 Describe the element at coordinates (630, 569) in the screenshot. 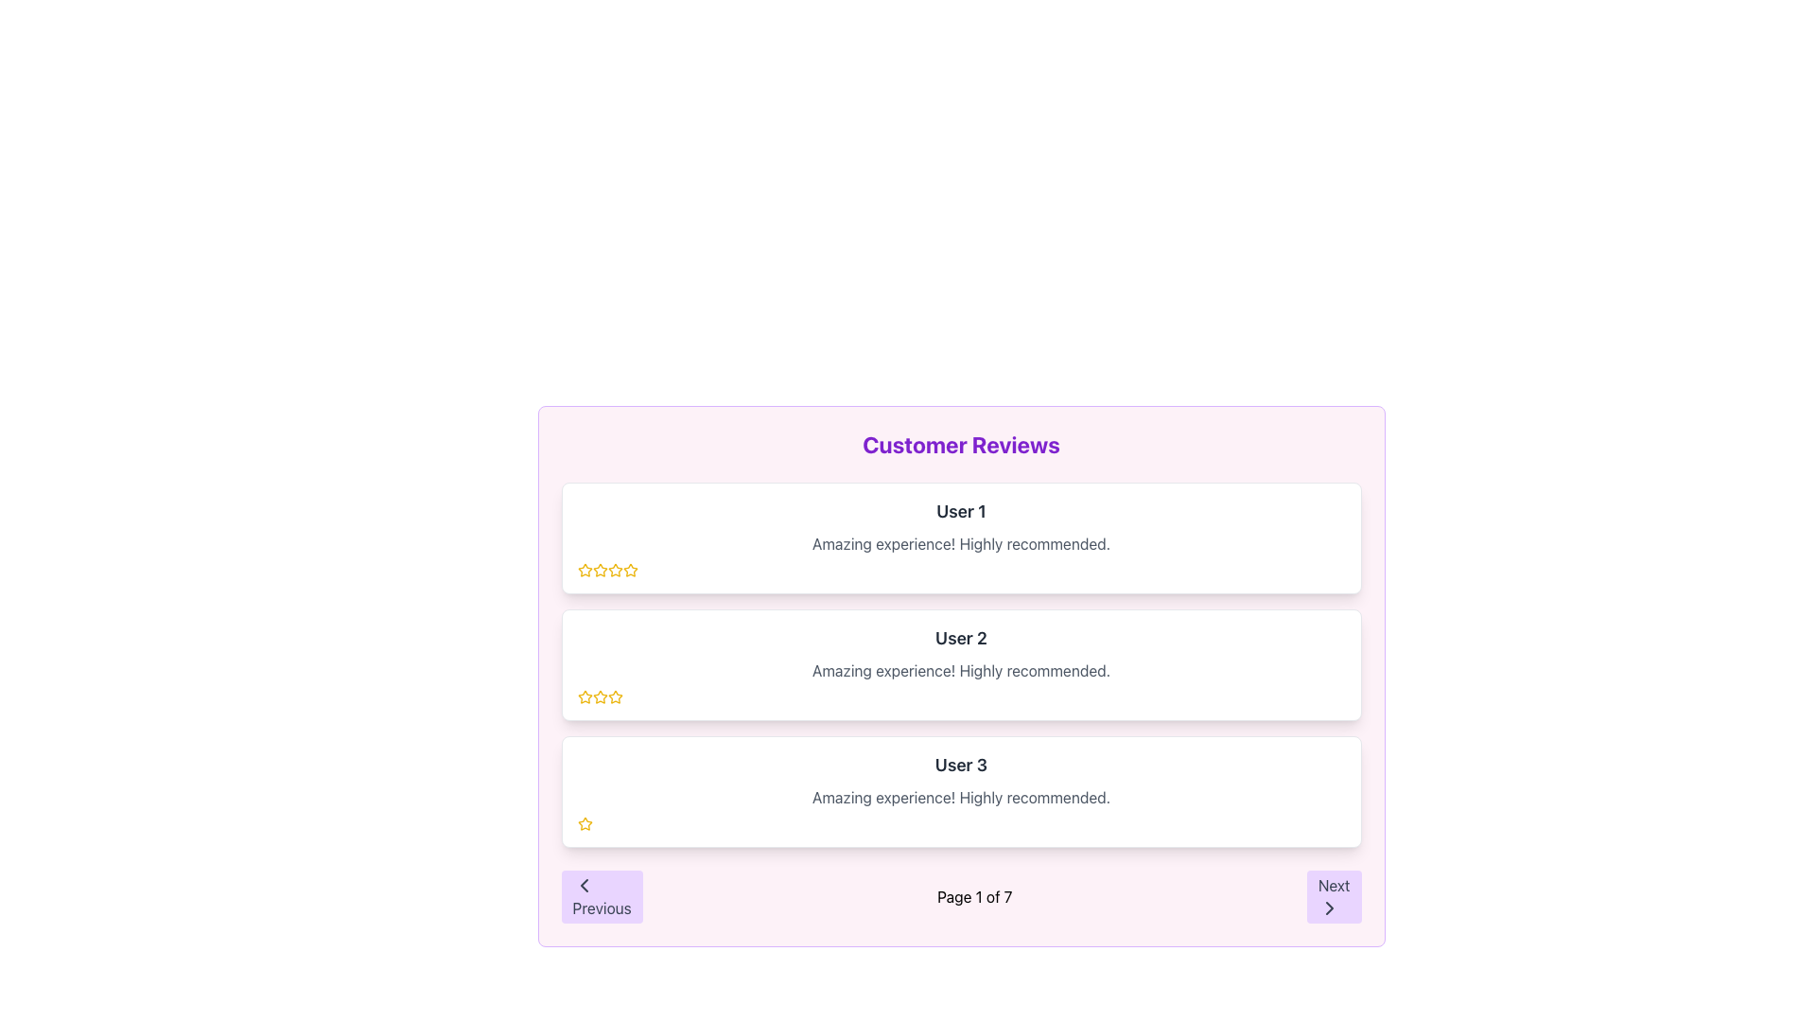

I see `the first star icon representing the rating in the 'User 1' review block to visually indicate the rating value` at that location.